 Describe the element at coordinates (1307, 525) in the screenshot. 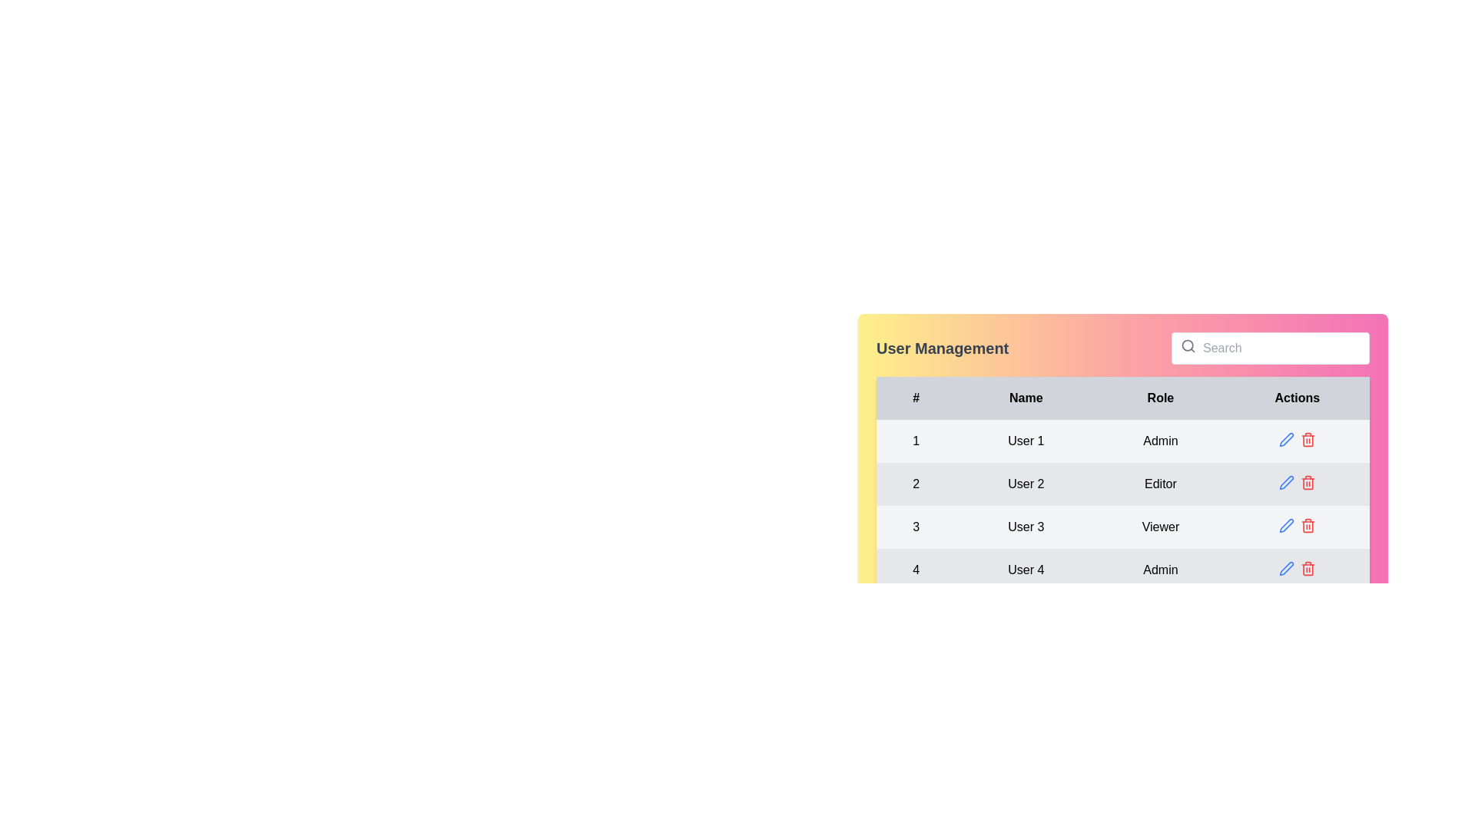

I see `the delete button icon for 'User 3' in the 'Actions' column` at that location.